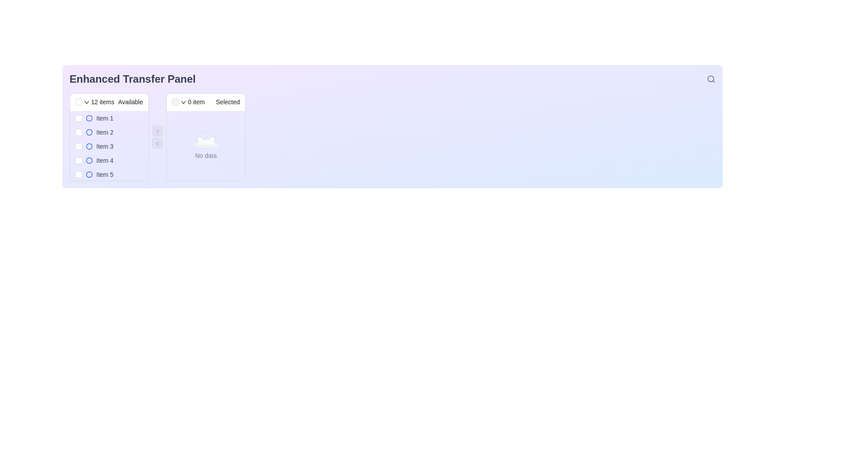 The image size is (845, 475). Describe the element at coordinates (78, 175) in the screenshot. I see `the checkbox corresponding to 'Item 5'` at that location.